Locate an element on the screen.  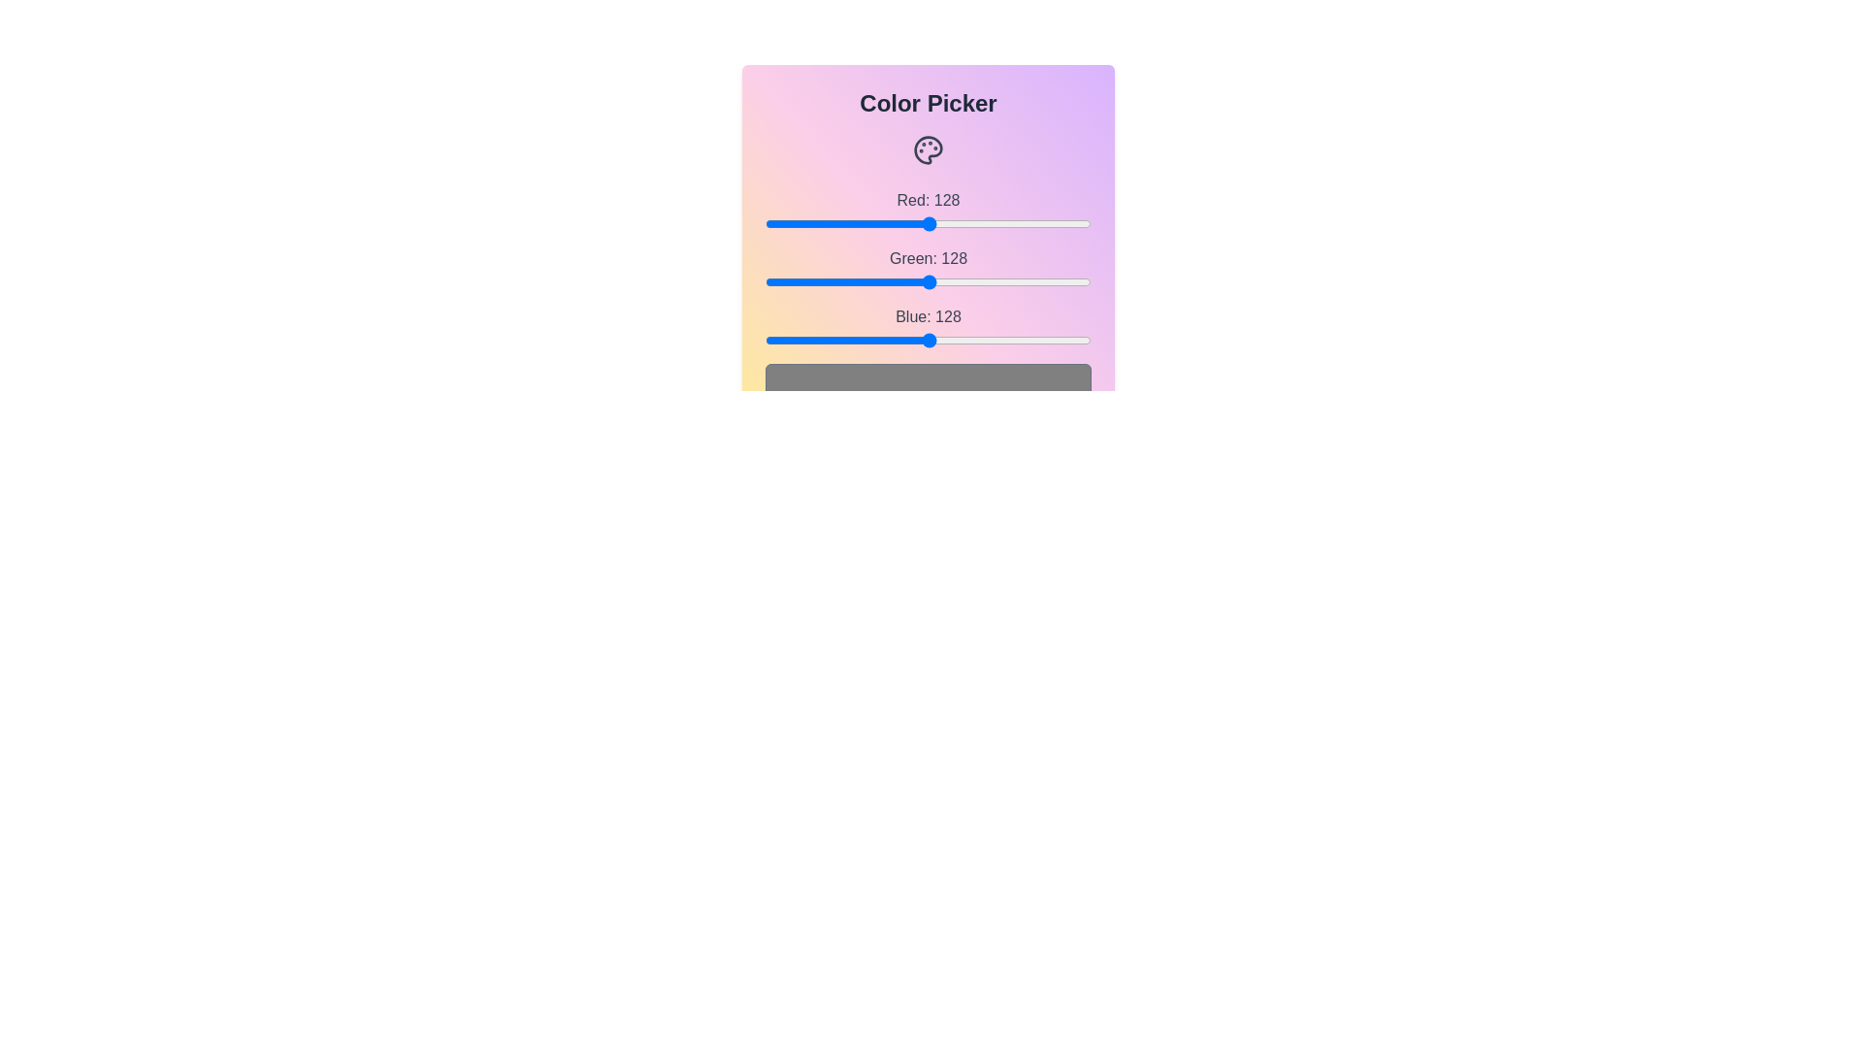
the green slider to set the green channel value to 234 is located at coordinates (1063, 281).